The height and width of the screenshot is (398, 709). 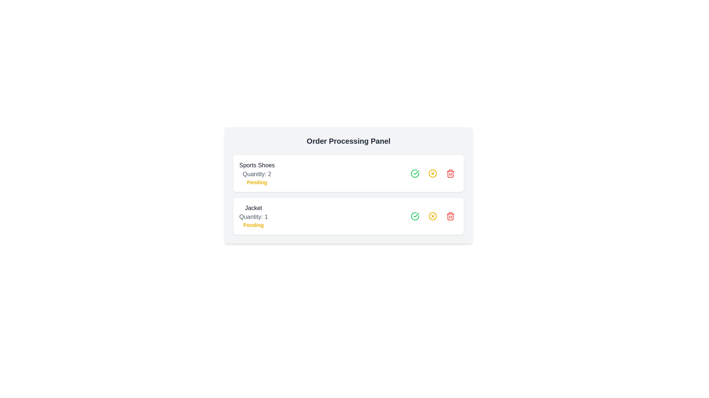 I want to click on the yellow circular button with an 'X' inside, which is the second icon in a row of three on the right side of the 'Sports Shoes' item card, so click(x=432, y=173).